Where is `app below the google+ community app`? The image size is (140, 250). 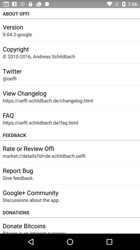
app below the google+ community app is located at coordinates (31, 200).